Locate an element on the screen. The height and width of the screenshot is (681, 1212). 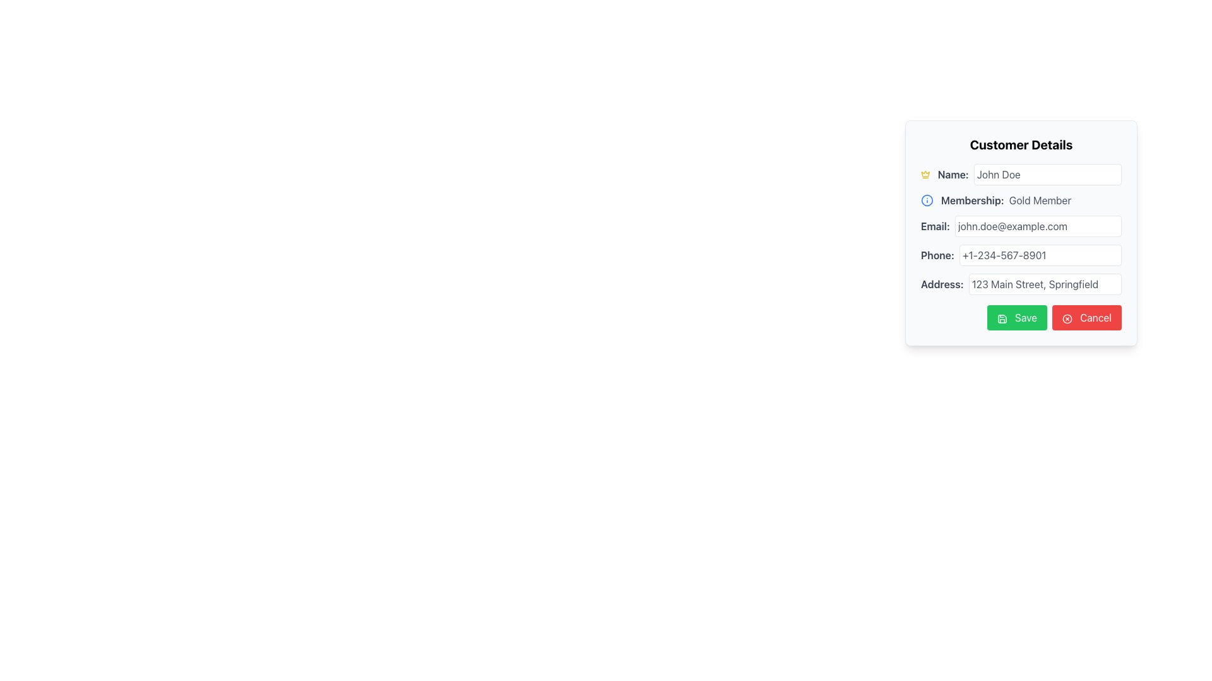
the 'Cancel' button located to the right of the 'Save' button at the bottom of the card-like interface is located at coordinates (1086, 317).